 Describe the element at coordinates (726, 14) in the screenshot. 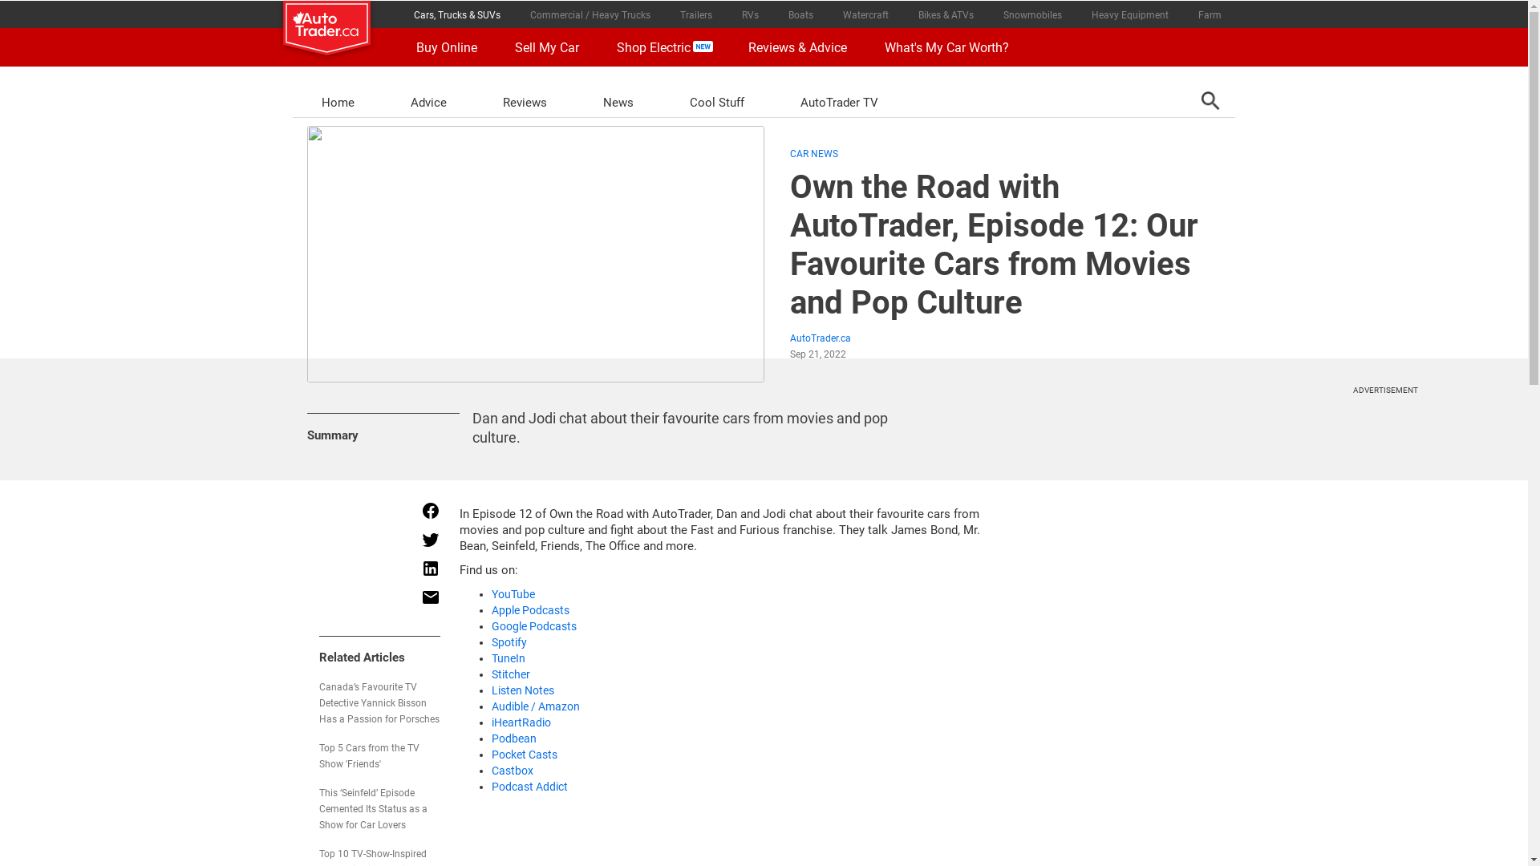

I see `'RVs'` at that location.